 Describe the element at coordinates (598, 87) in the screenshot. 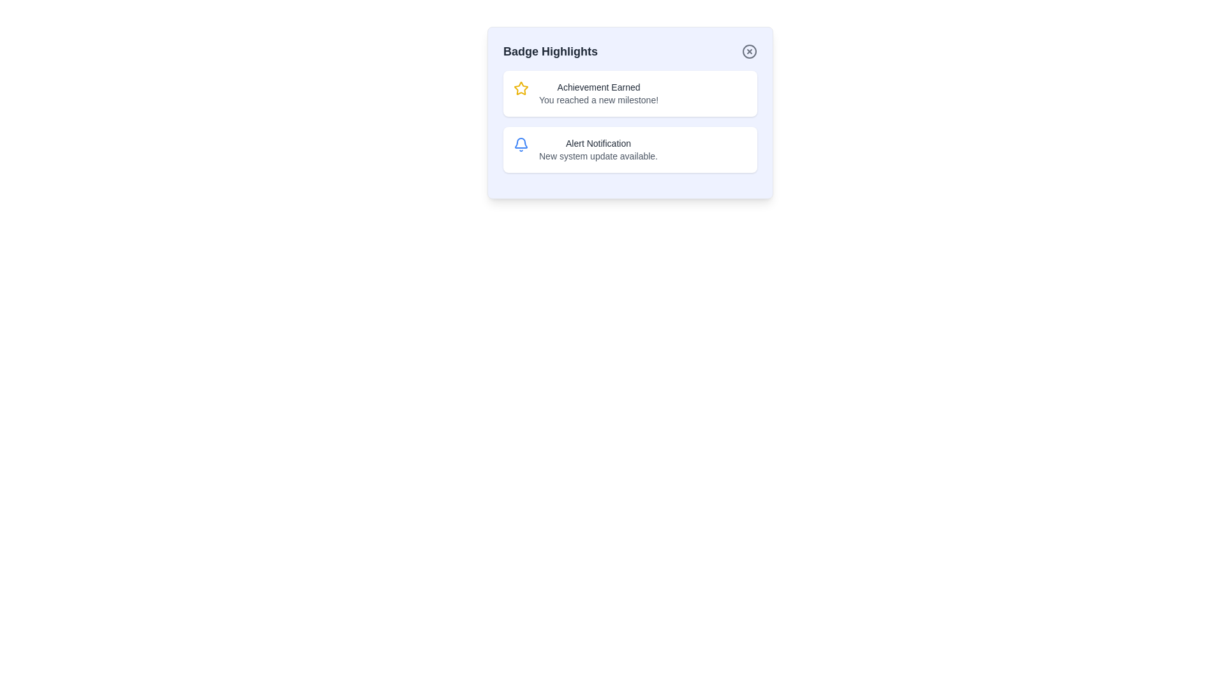

I see `the 'Achievement Earned' text label, which is styled with a gray font color and is located in the upper section of the 'Badge Highlights' panel` at that location.